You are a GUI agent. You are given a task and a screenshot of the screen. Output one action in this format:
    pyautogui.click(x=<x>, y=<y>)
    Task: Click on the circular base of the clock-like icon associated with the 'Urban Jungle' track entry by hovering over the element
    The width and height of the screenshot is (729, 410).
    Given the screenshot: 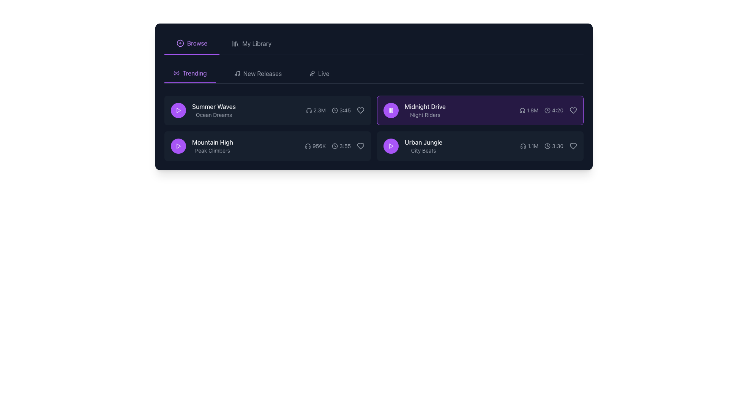 What is the action you would take?
    pyautogui.click(x=548, y=146)
    